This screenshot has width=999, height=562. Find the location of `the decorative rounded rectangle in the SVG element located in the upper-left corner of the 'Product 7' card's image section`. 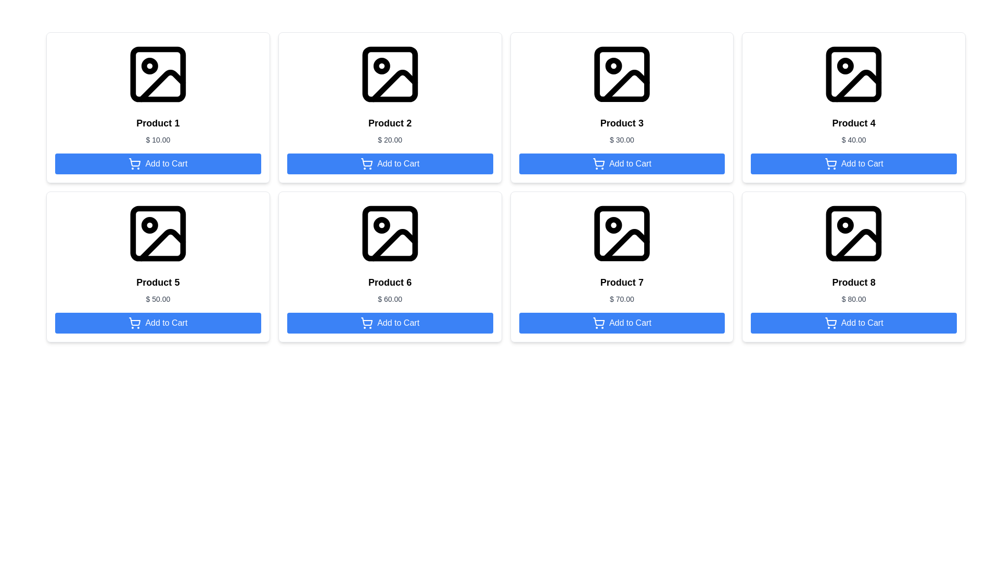

the decorative rounded rectangle in the SVG element located in the upper-left corner of the 'Product 7' card's image section is located at coordinates (622, 233).